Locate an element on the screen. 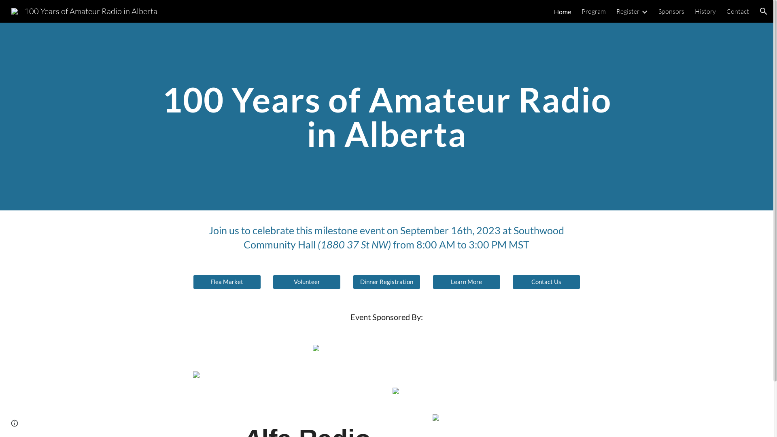 The image size is (777, 437). 'Contact' is located at coordinates (738, 11).